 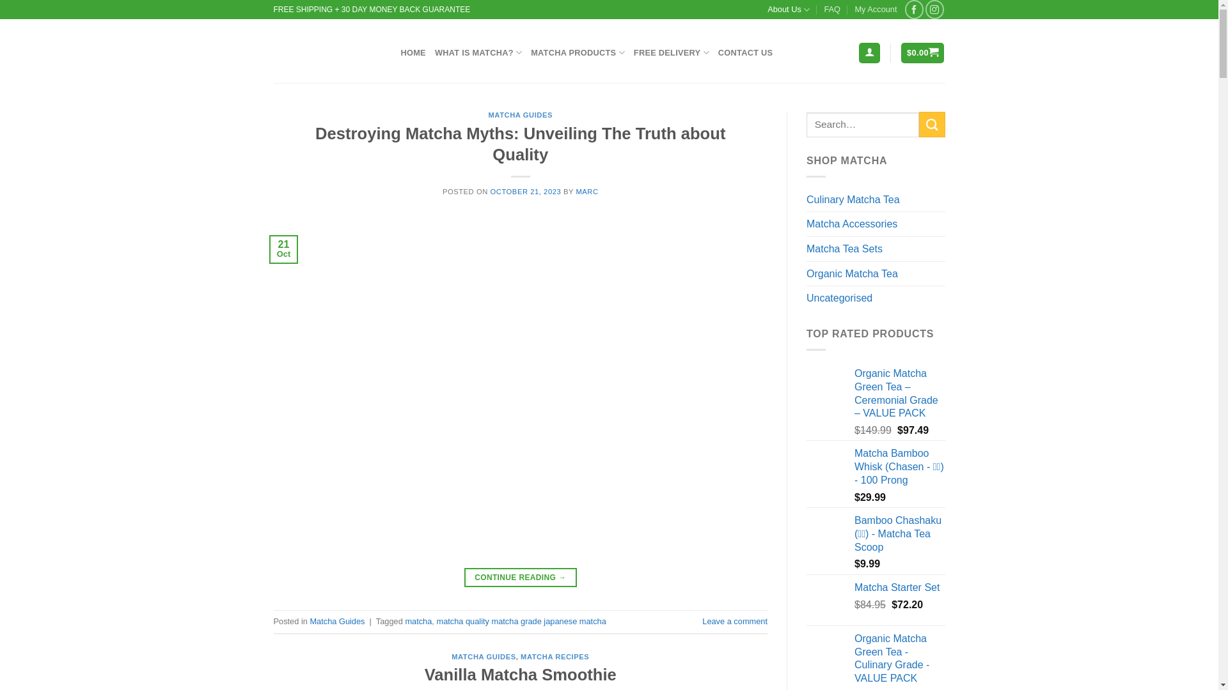 What do you see at coordinates (922, 52) in the screenshot?
I see `'$0.00'` at bounding box center [922, 52].